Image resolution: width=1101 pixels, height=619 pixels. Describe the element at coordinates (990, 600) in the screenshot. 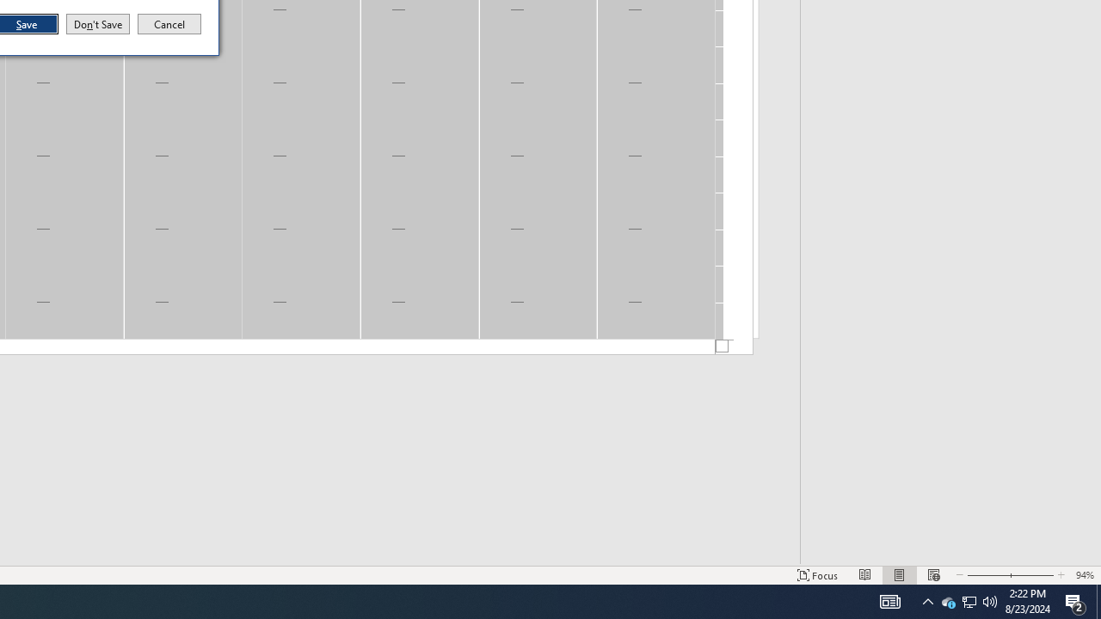

I see `'Q2790: 100%'` at that location.